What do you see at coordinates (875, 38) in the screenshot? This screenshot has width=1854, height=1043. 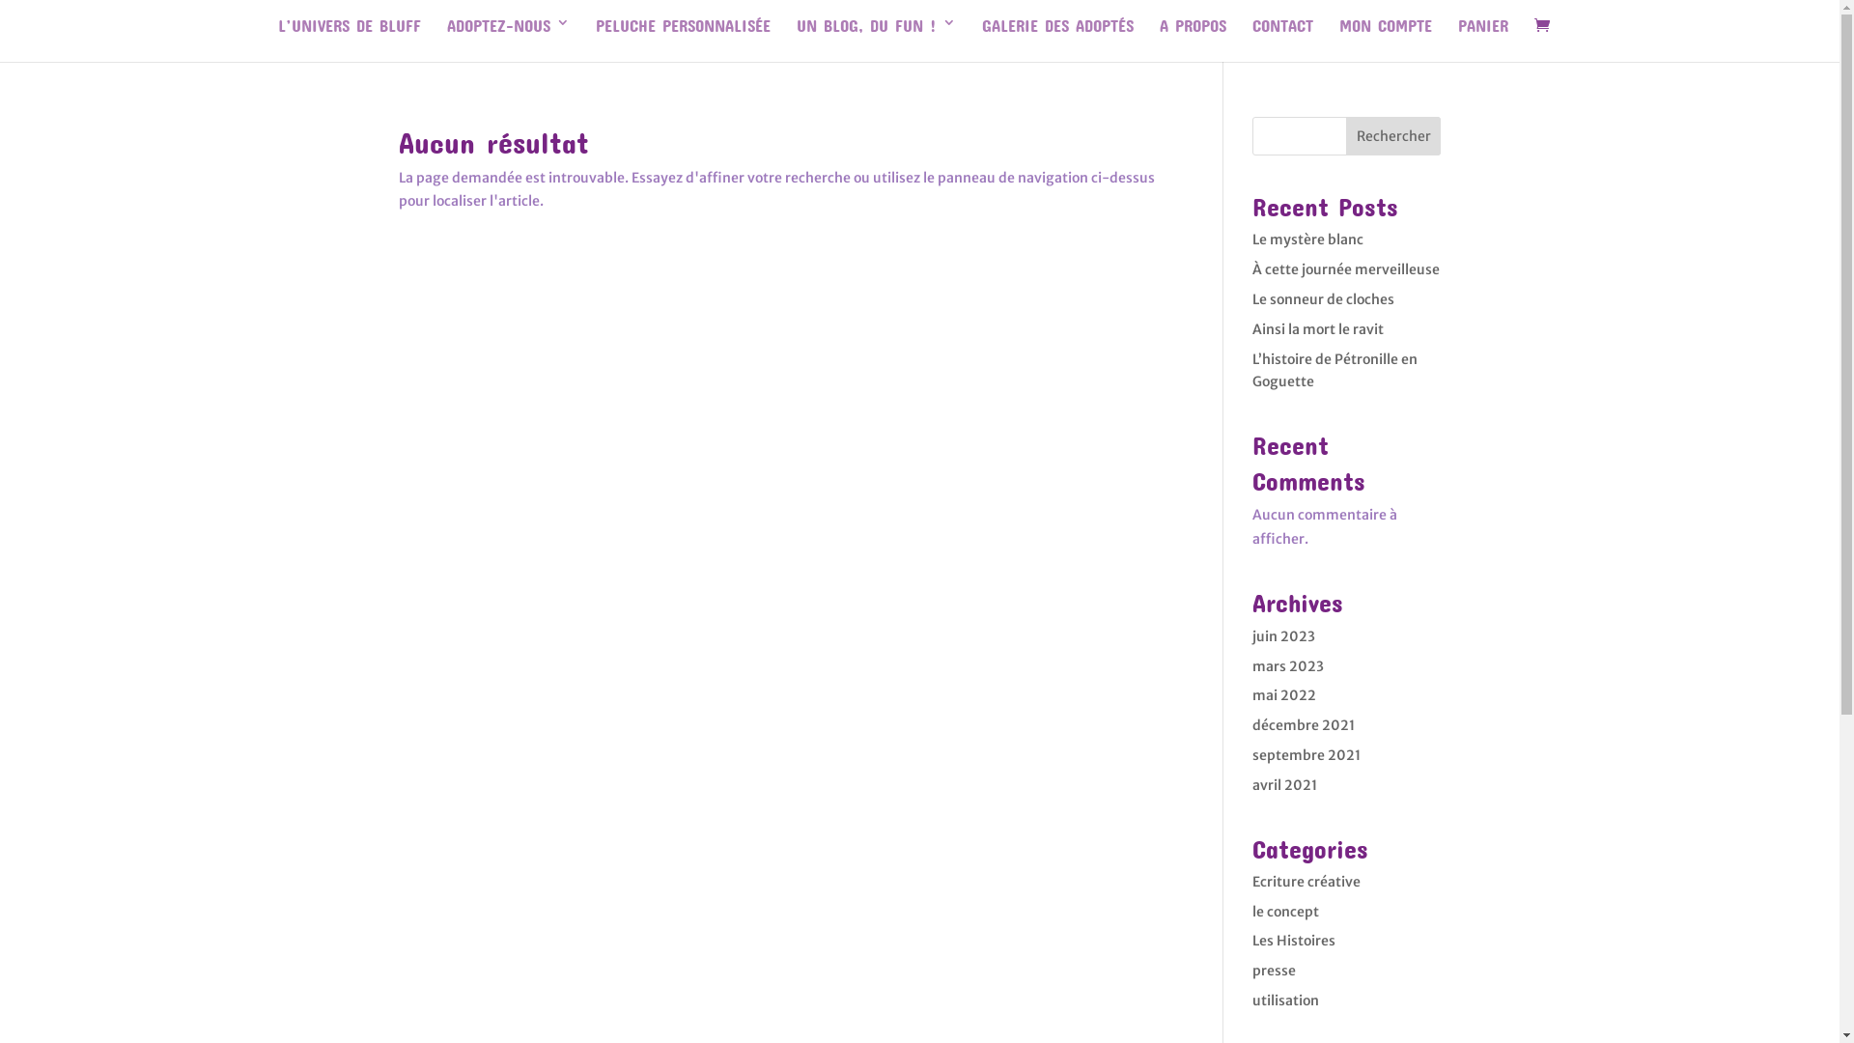 I see `'UN BLOG, DU FUN !'` at bounding box center [875, 38].